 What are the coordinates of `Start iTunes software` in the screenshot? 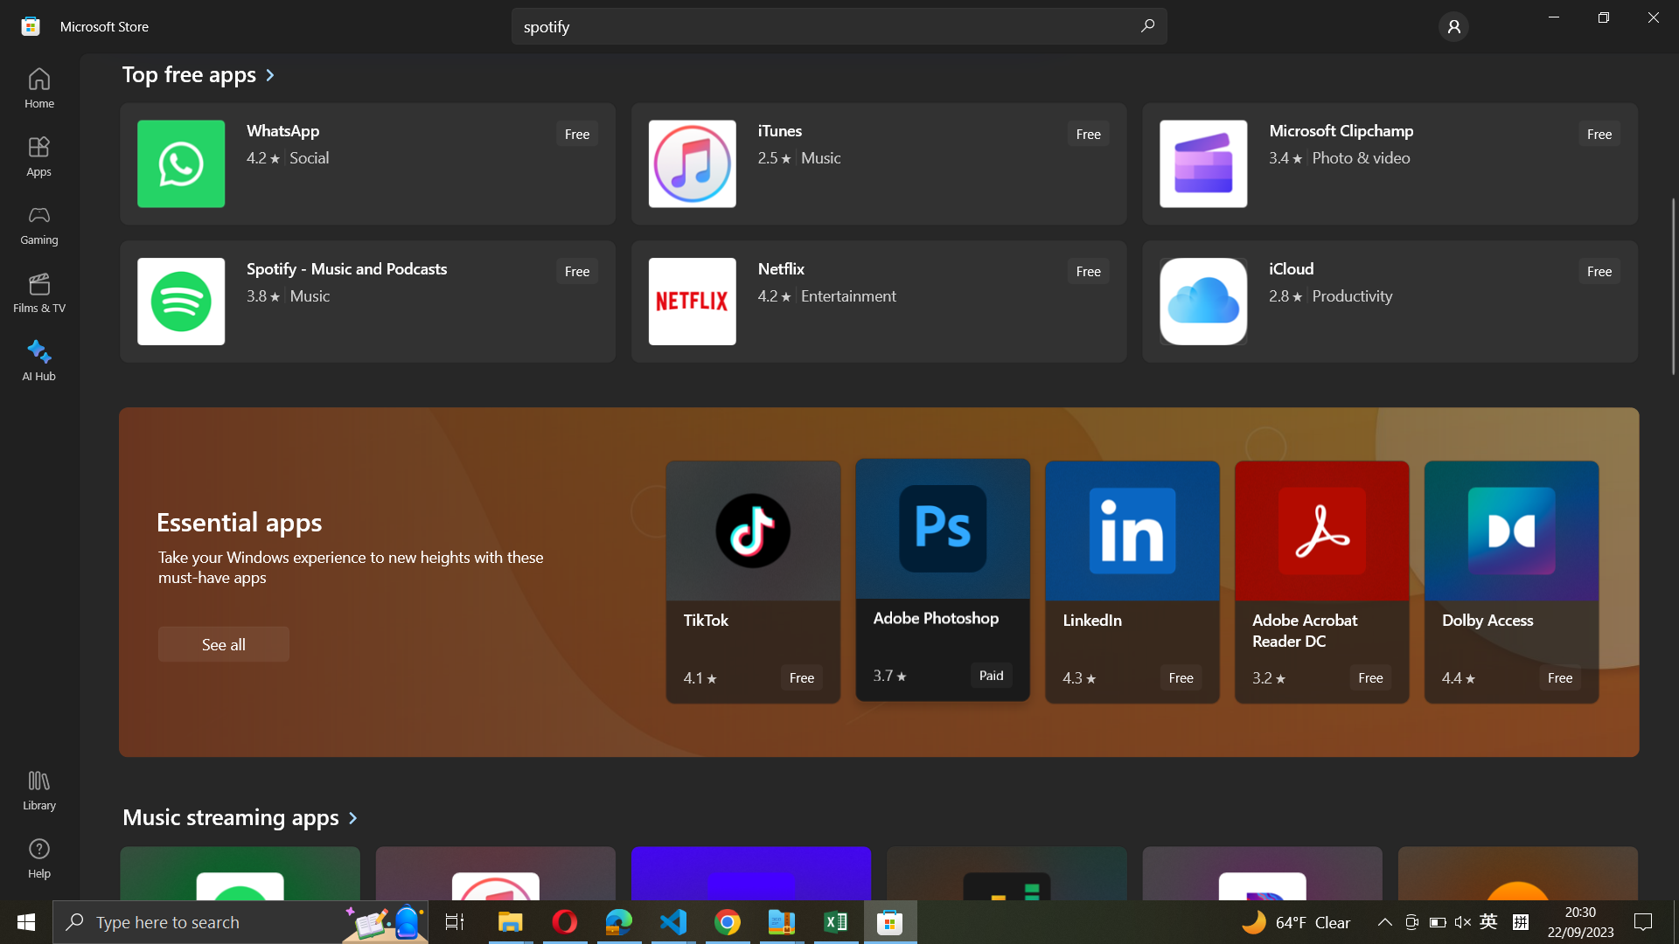 It's located at (876, 165).